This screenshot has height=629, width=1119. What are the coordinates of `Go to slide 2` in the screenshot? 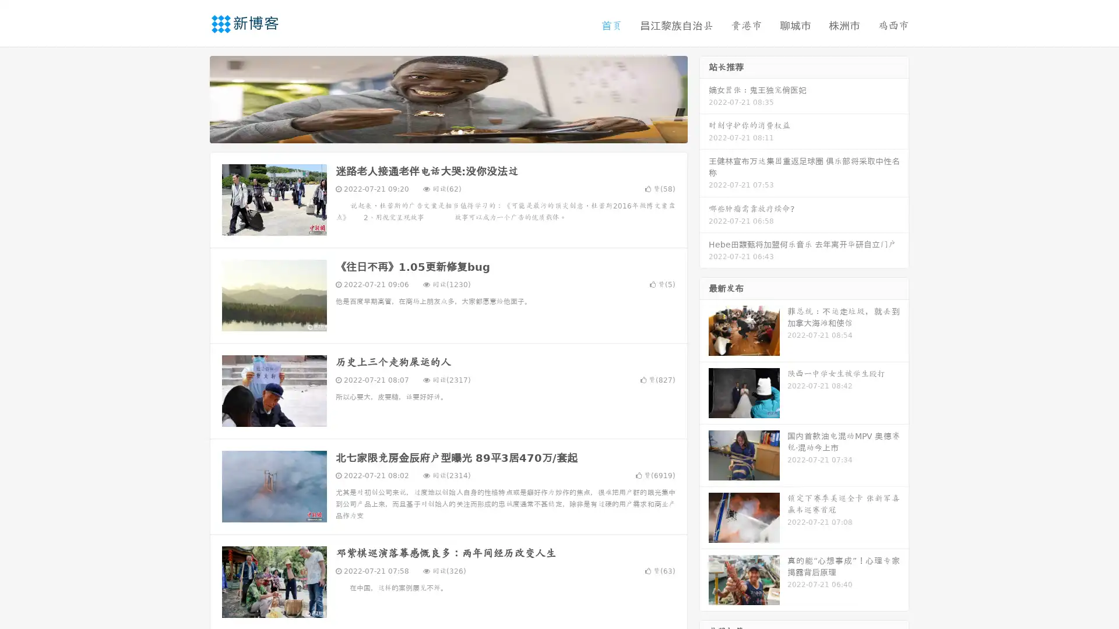 It's located at (448, 131).